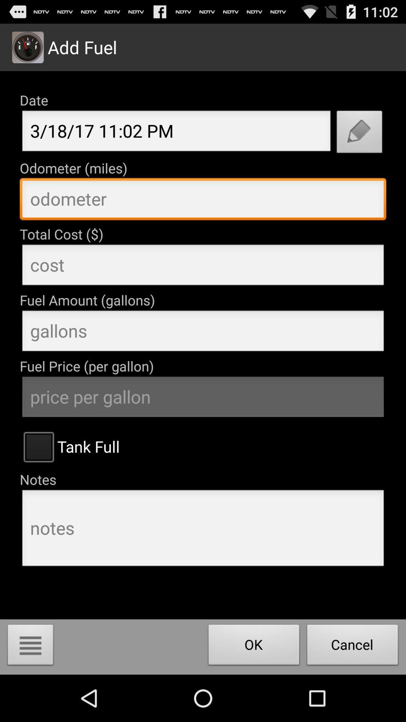 The width and height of the screenshot is (406, 722). What do you see at coordinates (203, 201) in the screenshot?
I see `odometer text field` at bounding box center [203, 201].